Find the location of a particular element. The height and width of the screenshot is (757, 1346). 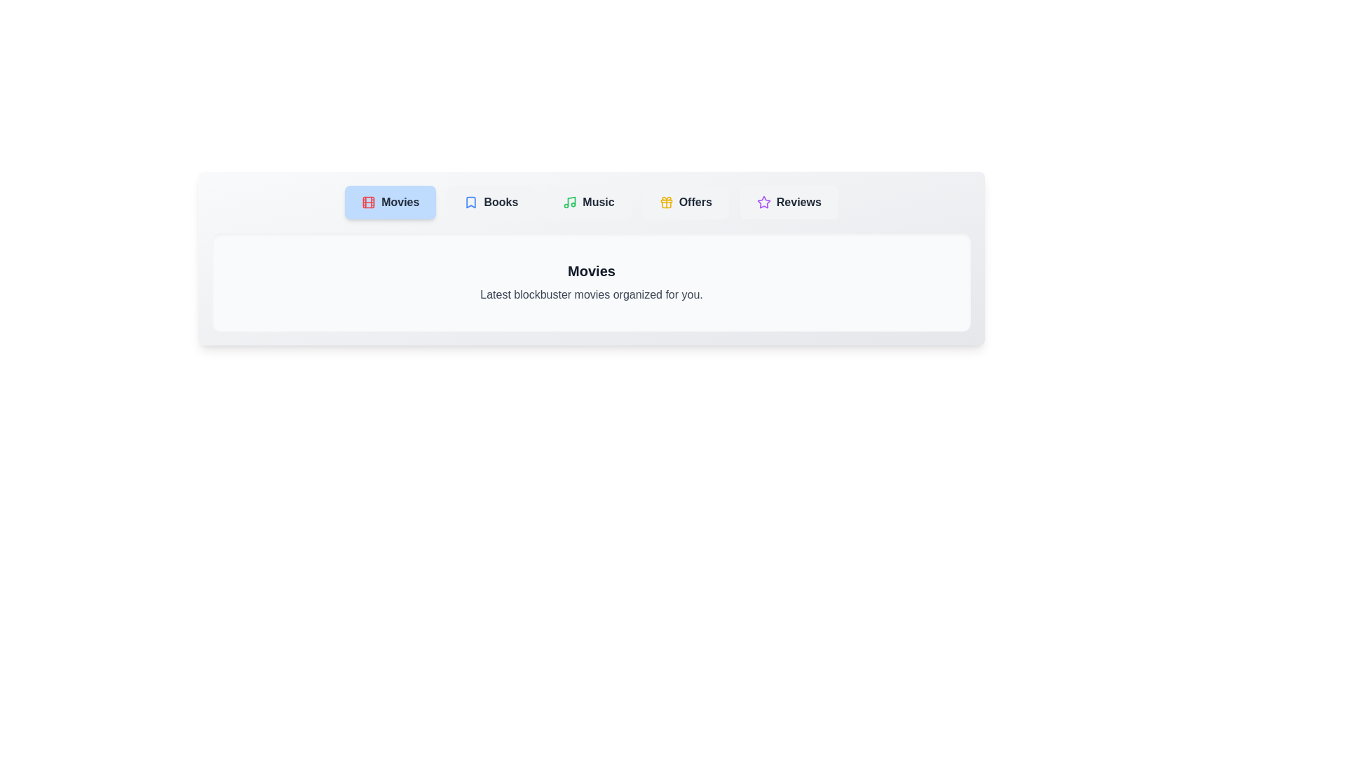

the tab labeled Books to switch to its content is located at coordinates (491, 203).